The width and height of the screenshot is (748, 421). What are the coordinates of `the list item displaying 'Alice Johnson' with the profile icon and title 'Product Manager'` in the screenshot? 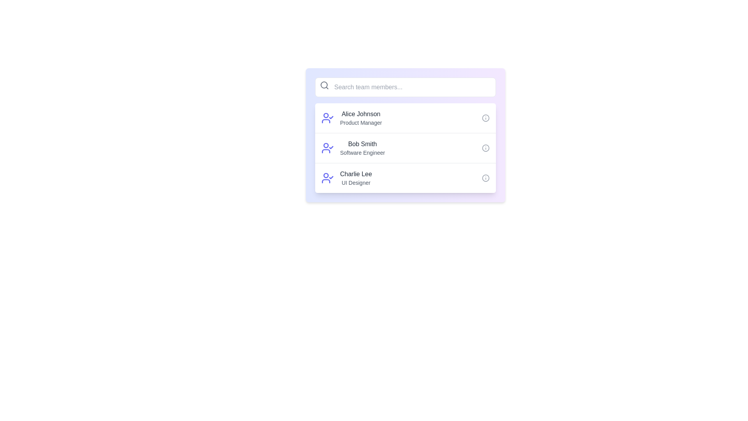 It's located at (351, 118).